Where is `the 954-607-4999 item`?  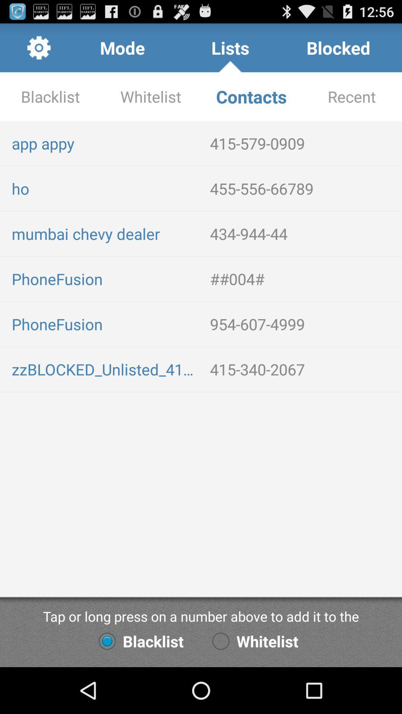 the 954-607-4999 item is located at coordinates (303, 324).